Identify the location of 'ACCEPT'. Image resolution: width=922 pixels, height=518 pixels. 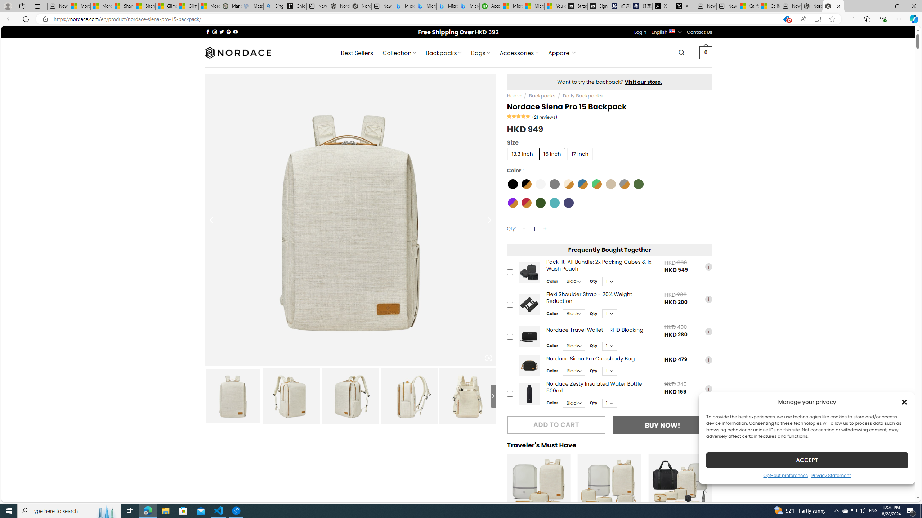
(807, 460).